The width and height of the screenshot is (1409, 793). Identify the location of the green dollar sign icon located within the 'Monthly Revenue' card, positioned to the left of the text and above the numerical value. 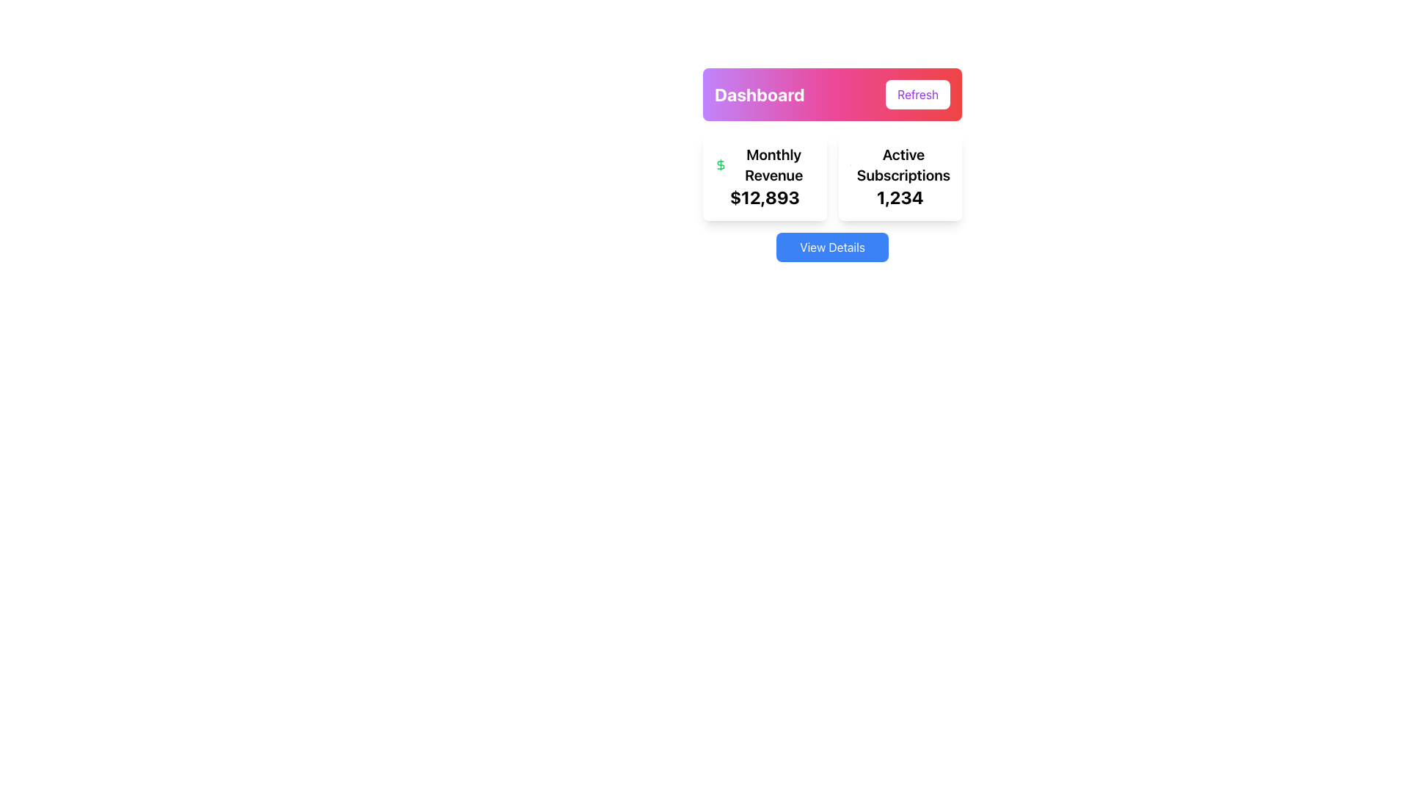
(721, 164).